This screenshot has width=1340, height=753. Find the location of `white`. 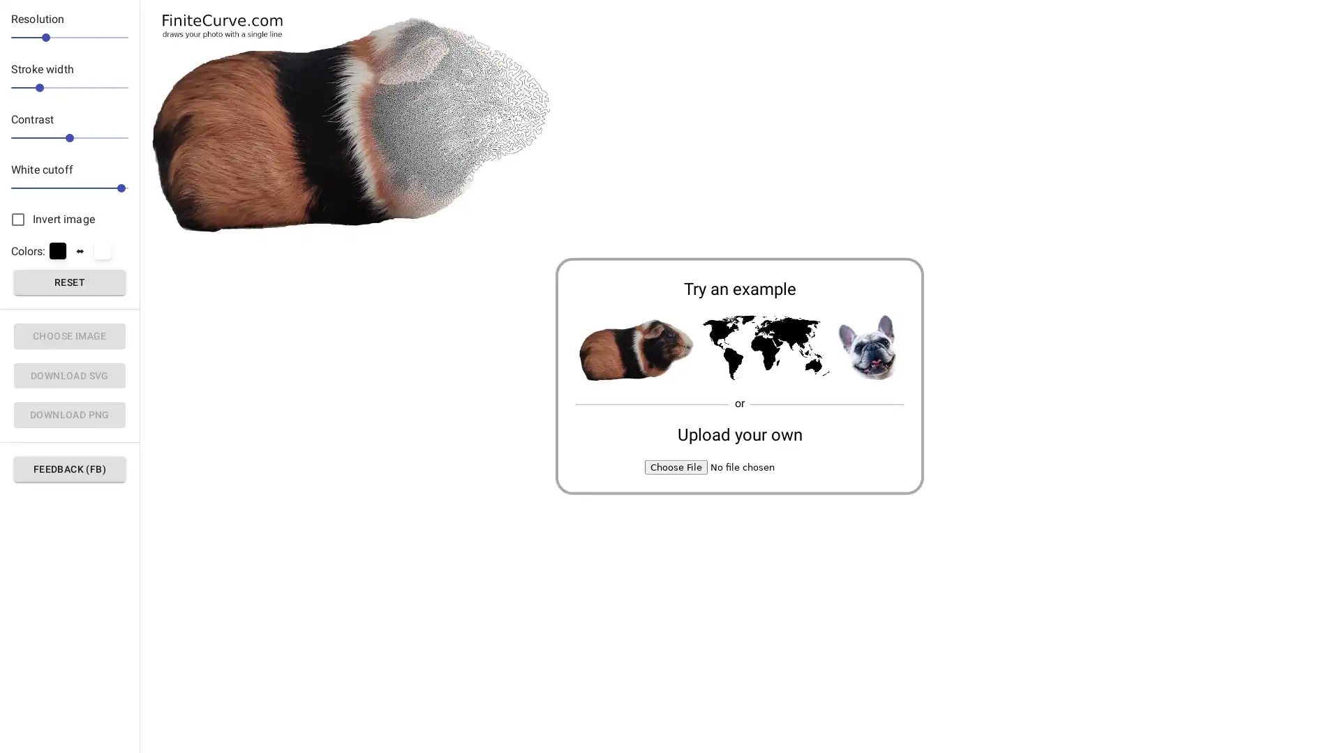

white is located at coordinates (102, 250).